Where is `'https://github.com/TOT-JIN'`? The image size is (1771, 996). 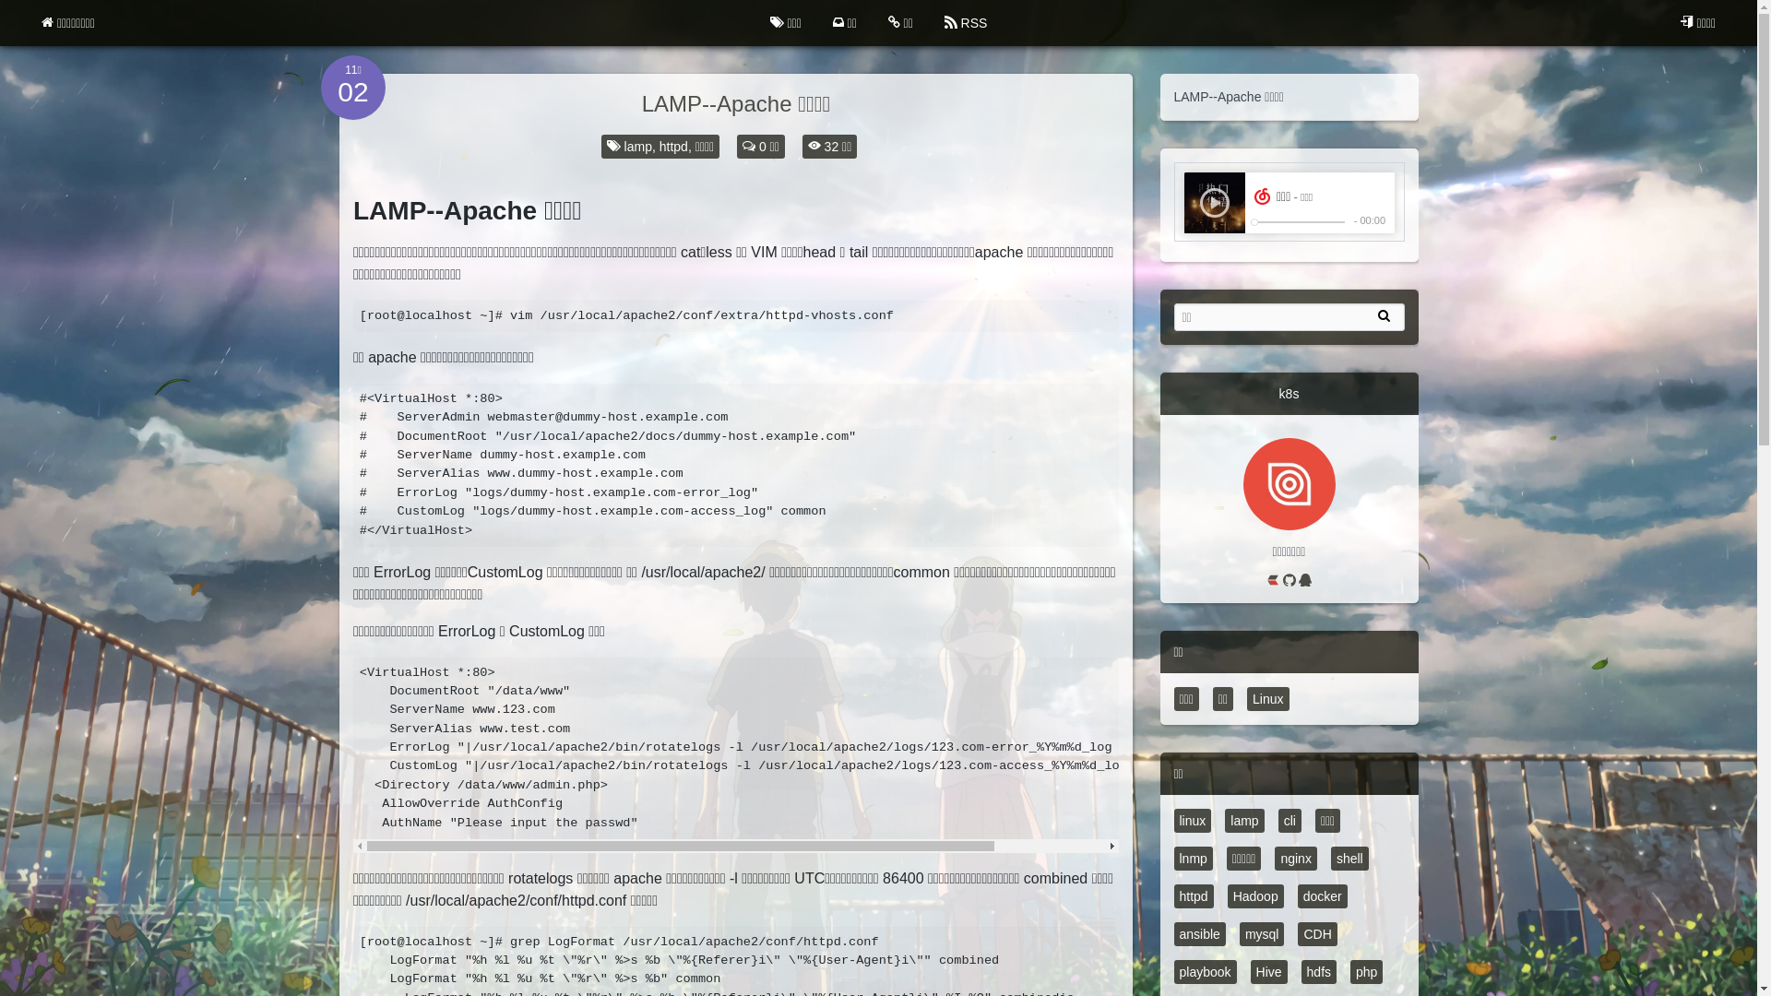 'https://github.com/TOT-JIN' is located at coordinates (1281, 582).